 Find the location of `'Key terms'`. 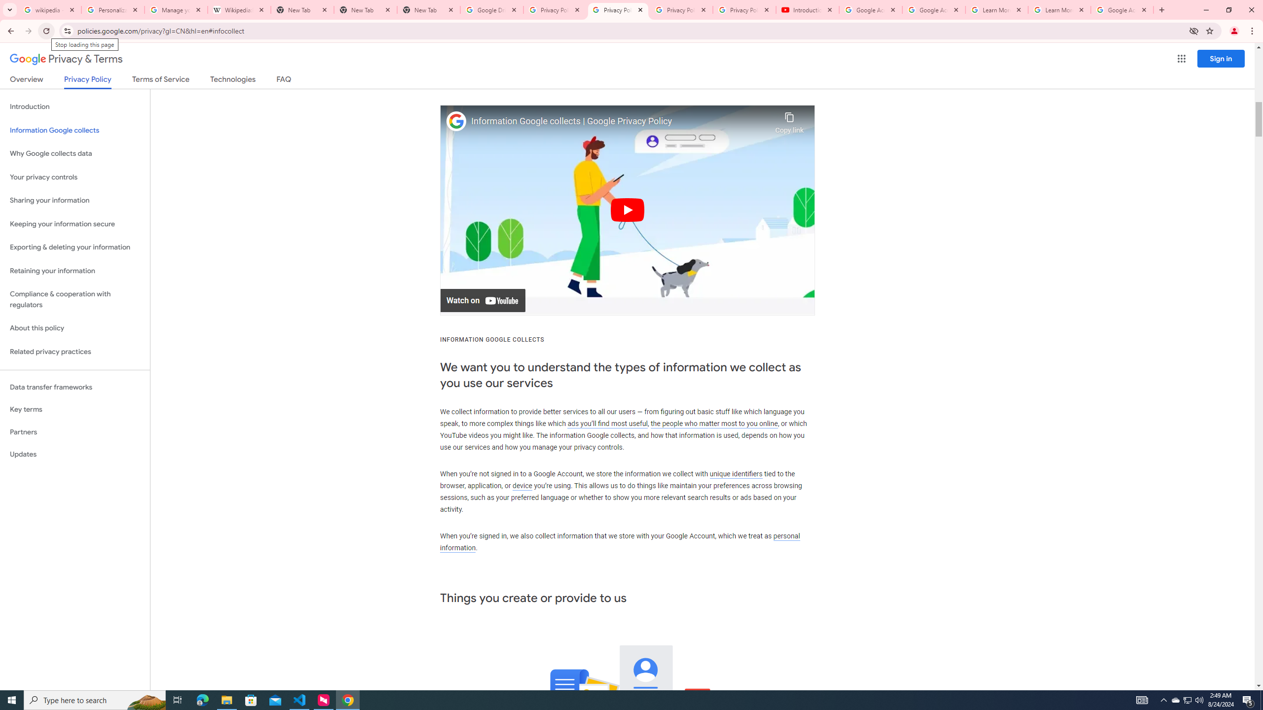

'Key terms' is located at coordinates (74, 409).